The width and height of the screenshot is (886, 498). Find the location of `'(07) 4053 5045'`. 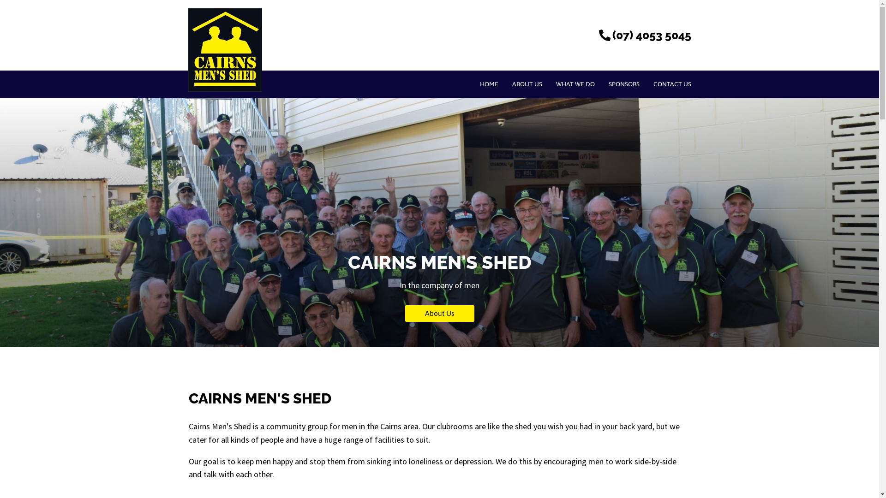

'(07) 4053 5045' is located at coordinates (644, 35).